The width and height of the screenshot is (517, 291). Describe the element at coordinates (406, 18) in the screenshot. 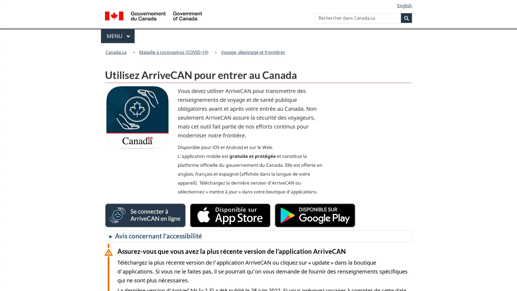

I see `Recherche` at that location.